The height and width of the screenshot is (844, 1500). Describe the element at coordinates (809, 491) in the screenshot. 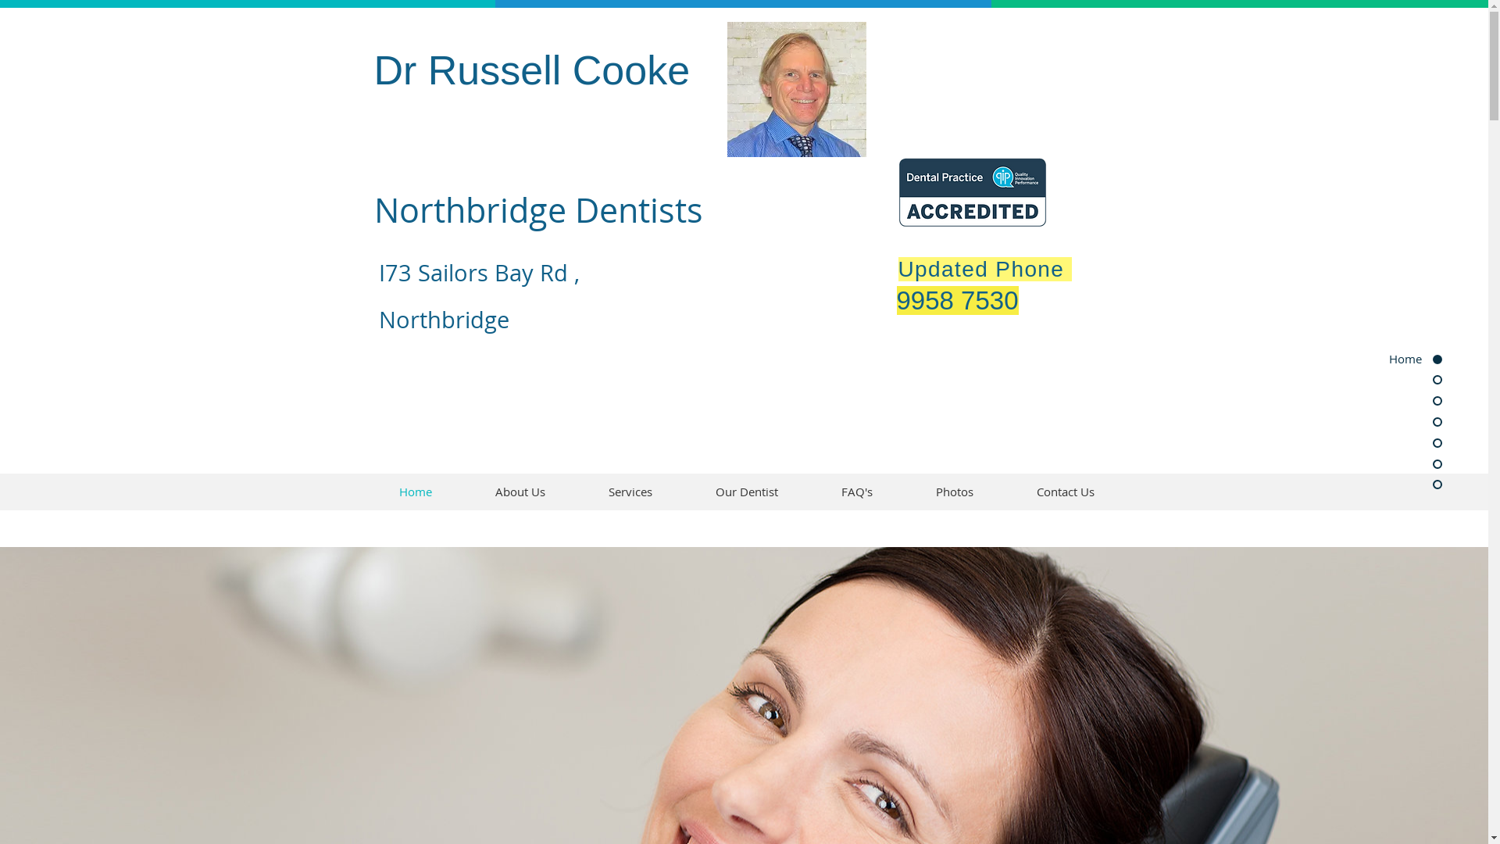

I see `'FAQ's'` at that location.